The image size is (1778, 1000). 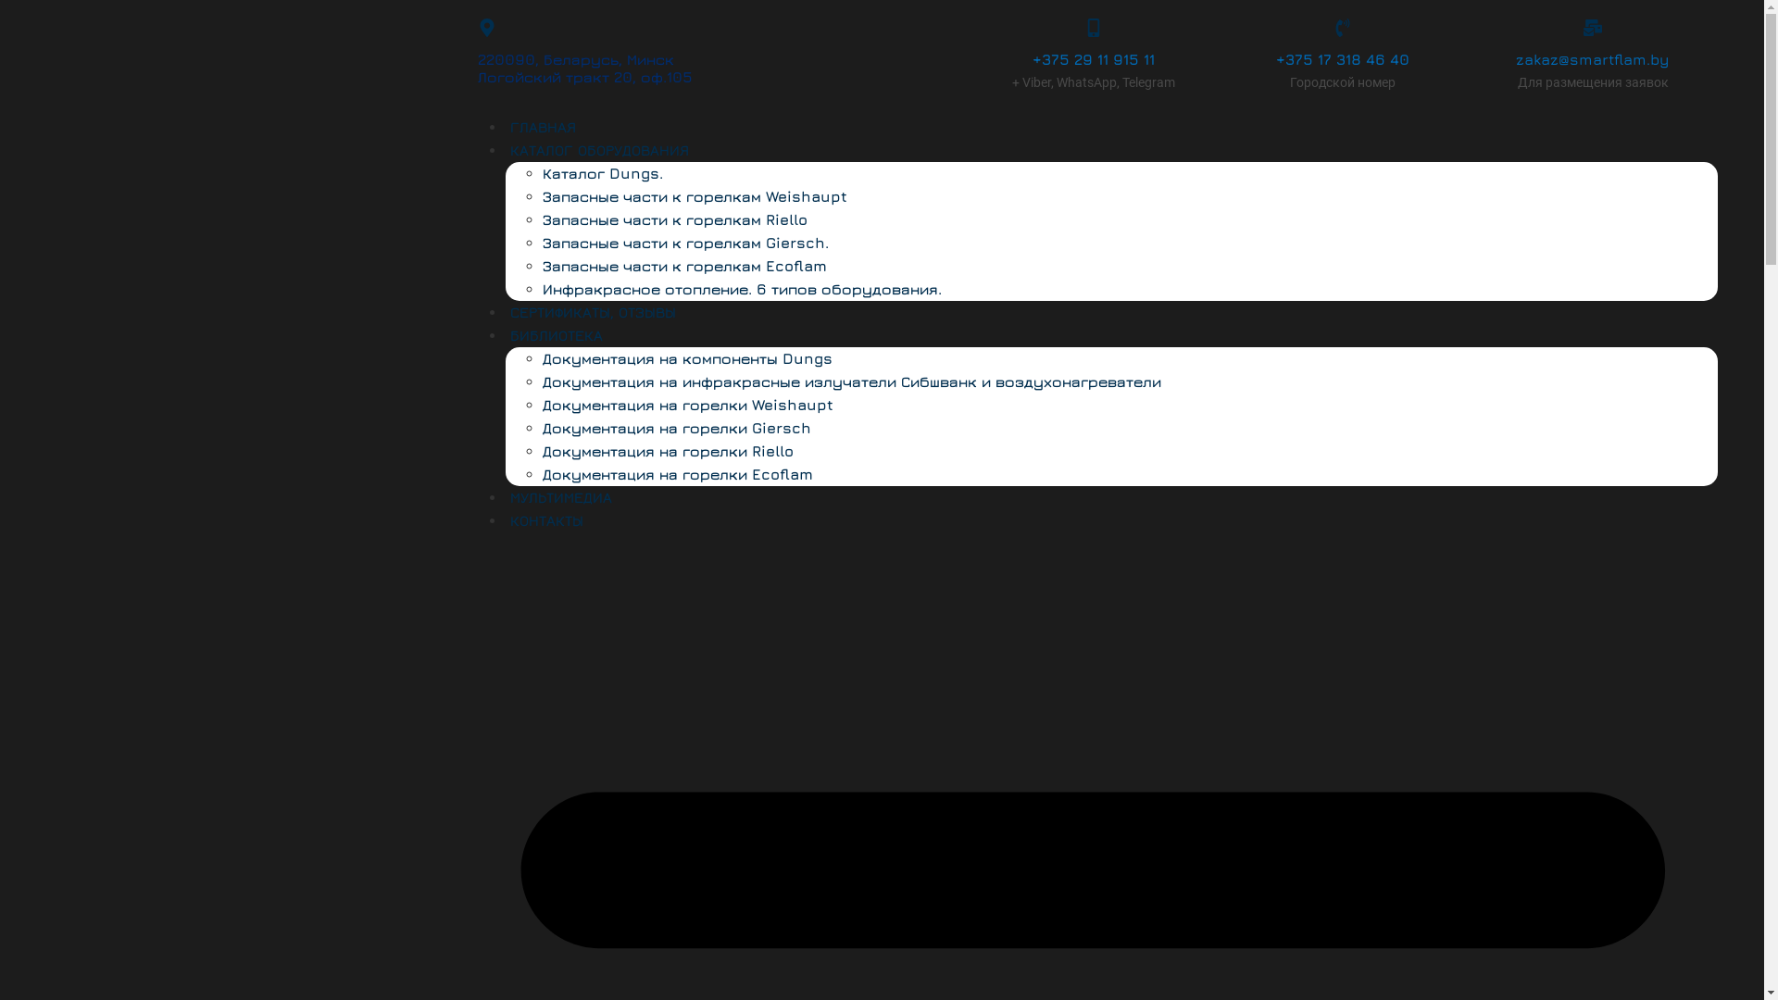 What do you see at coordinates (1342, 58) in the screenshot?
I see `'+375 17 318 46 40'` at bounding box center [1342, 58].